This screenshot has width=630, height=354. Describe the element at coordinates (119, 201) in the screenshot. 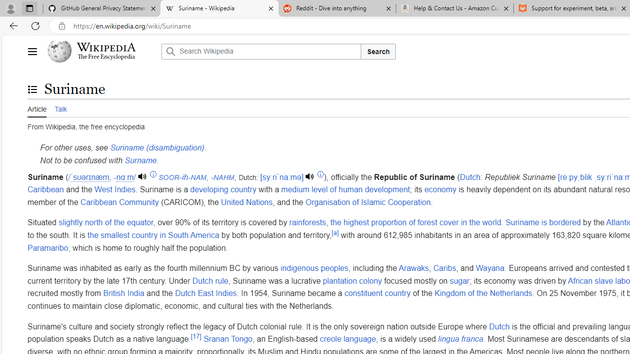

I see `'Caribbean Community'` at that location.